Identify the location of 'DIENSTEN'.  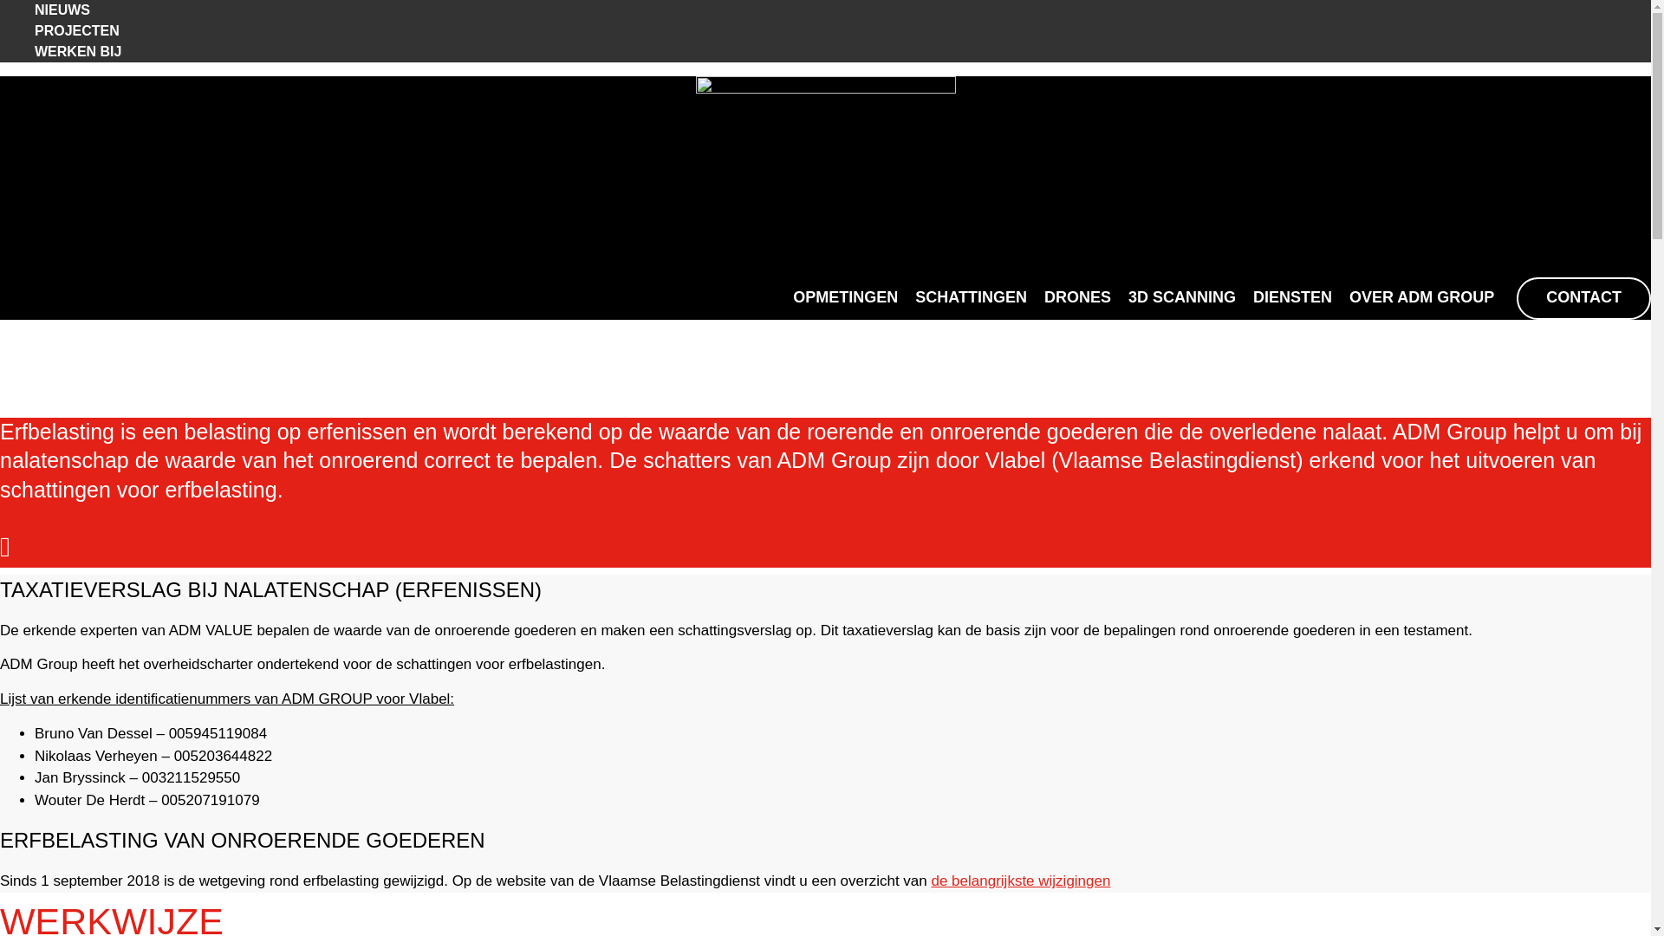
(1243, 297).